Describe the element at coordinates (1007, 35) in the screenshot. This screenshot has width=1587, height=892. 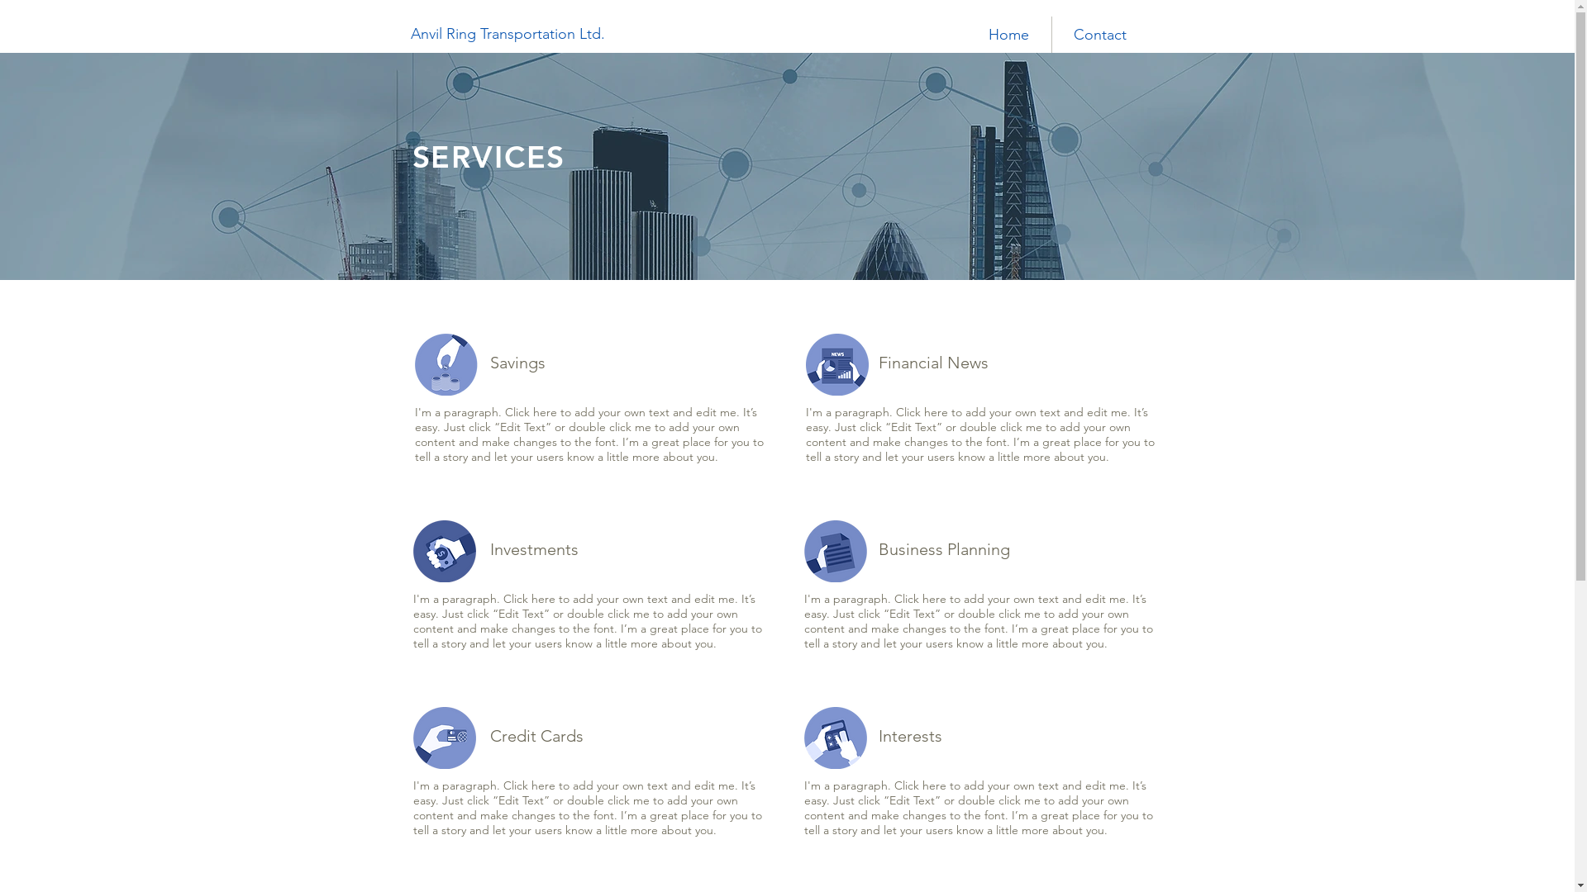
I see `'Home'` at that location.